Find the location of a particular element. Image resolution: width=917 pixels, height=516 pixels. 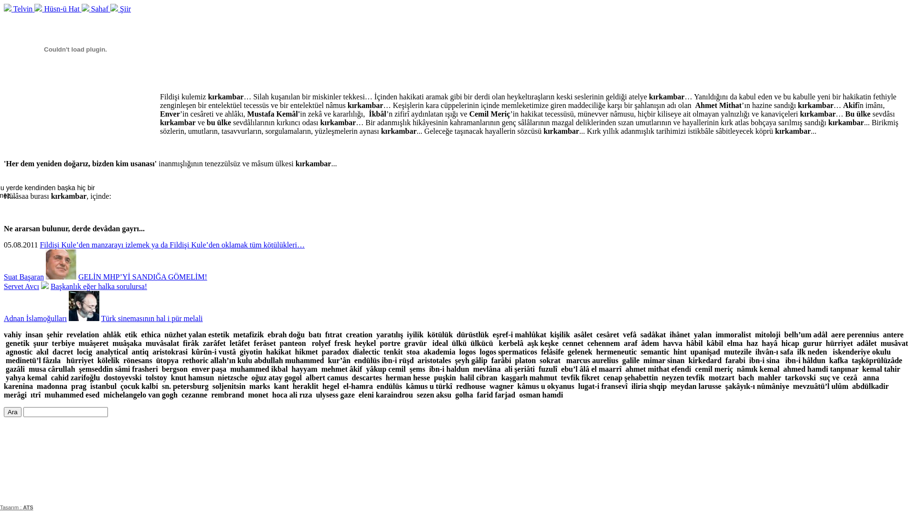

'Sahaf' is located at coordinates (96, 9).